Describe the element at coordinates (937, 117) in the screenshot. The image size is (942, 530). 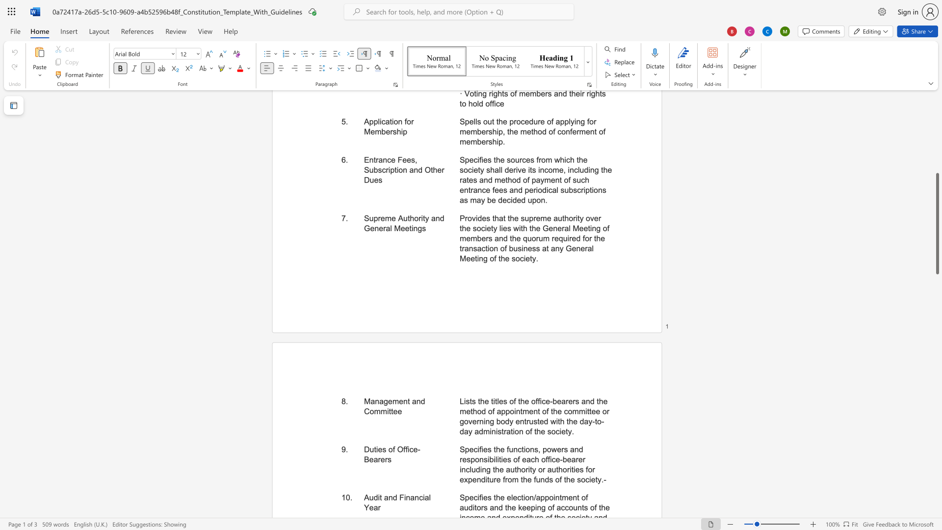
I see `the scrollbar to move the view up` at that location.